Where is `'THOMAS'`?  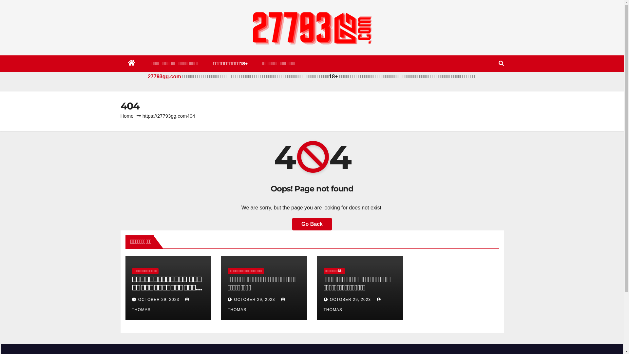 'THOMAS' is located at coordinates (161, 305).